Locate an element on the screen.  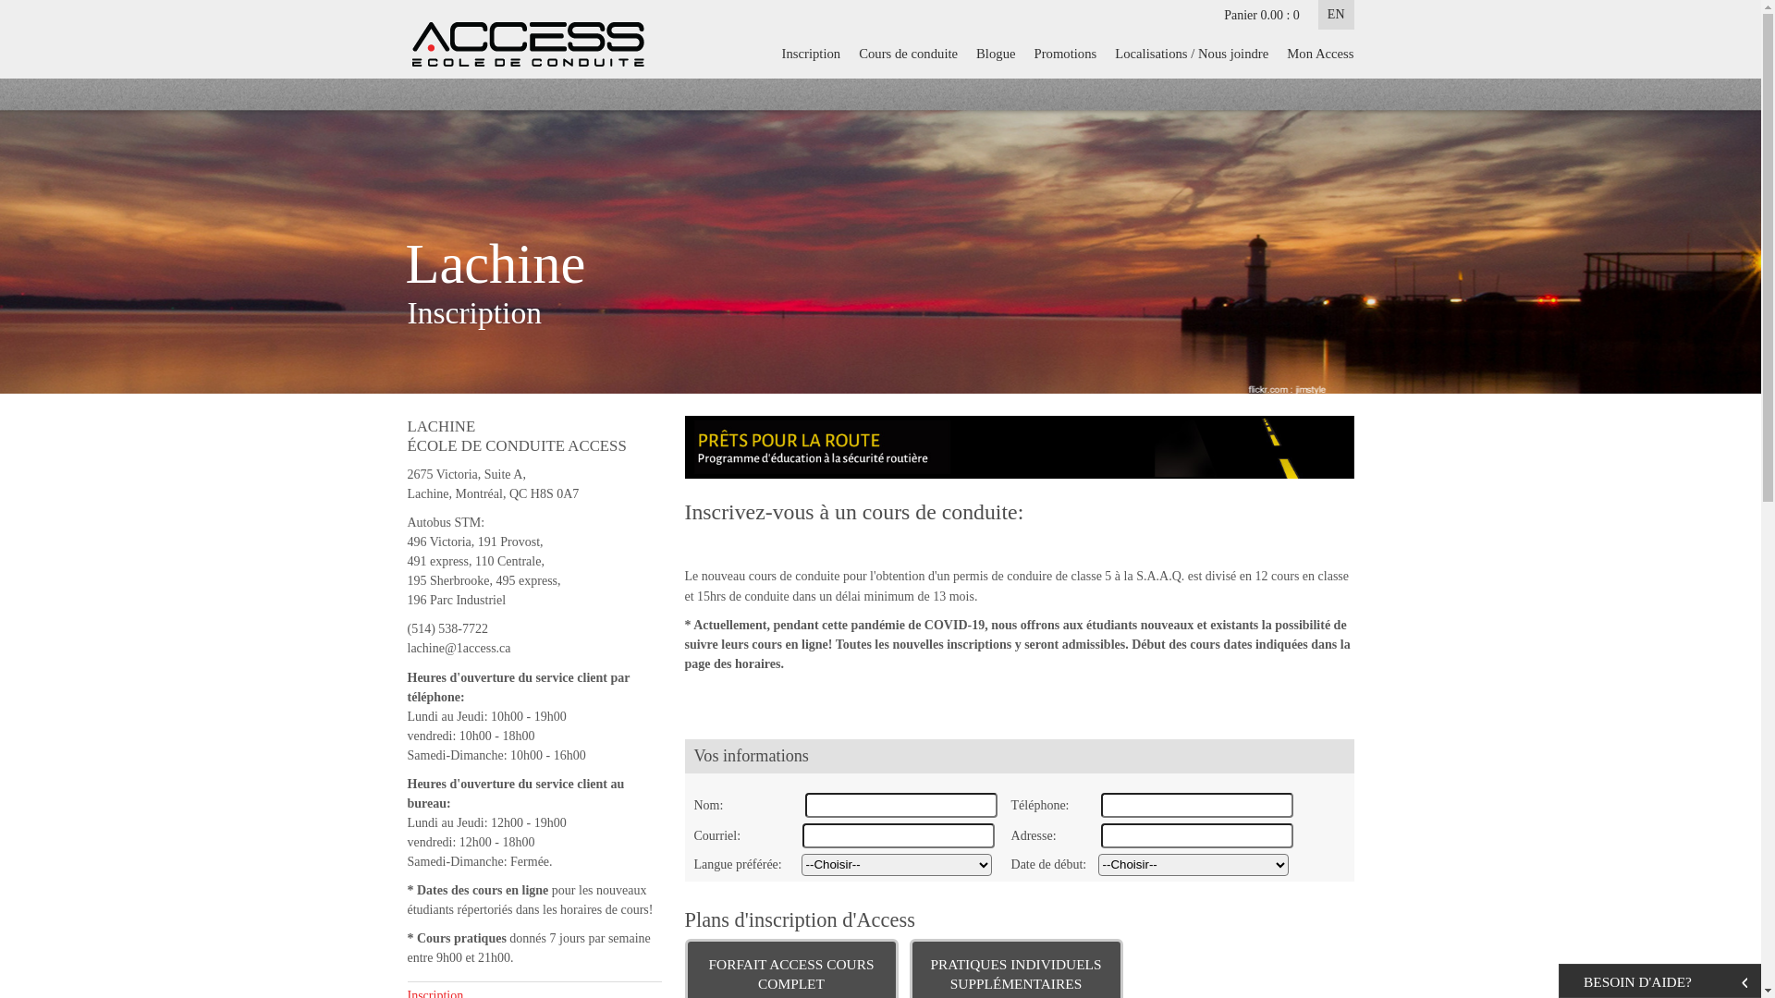
'Promotions' is located at coordinates (1023, 52).